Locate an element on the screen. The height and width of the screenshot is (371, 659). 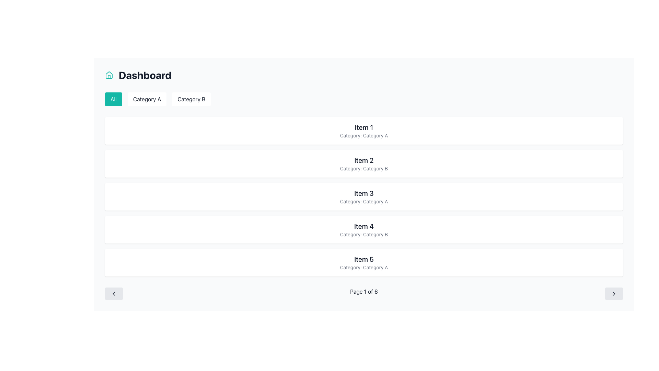
the title text of the first card in the vertical list, which serves as the main label or identifier for the item is located at coordinates (363, 127).